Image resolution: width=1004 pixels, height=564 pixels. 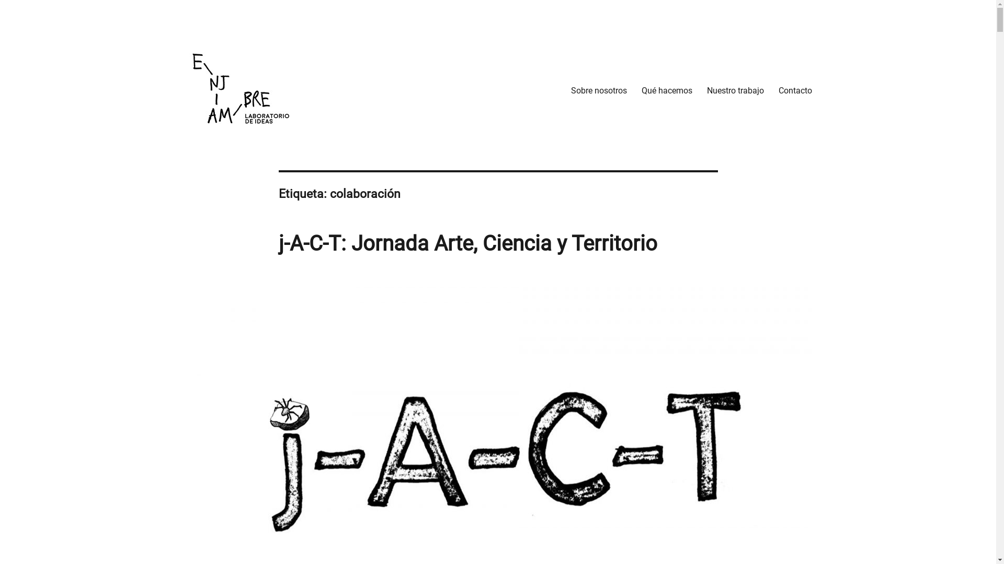 What do you see at coordinates (795, 90) in the screenshot?
I see `'Contacto'` at bounding box center [795, 90].